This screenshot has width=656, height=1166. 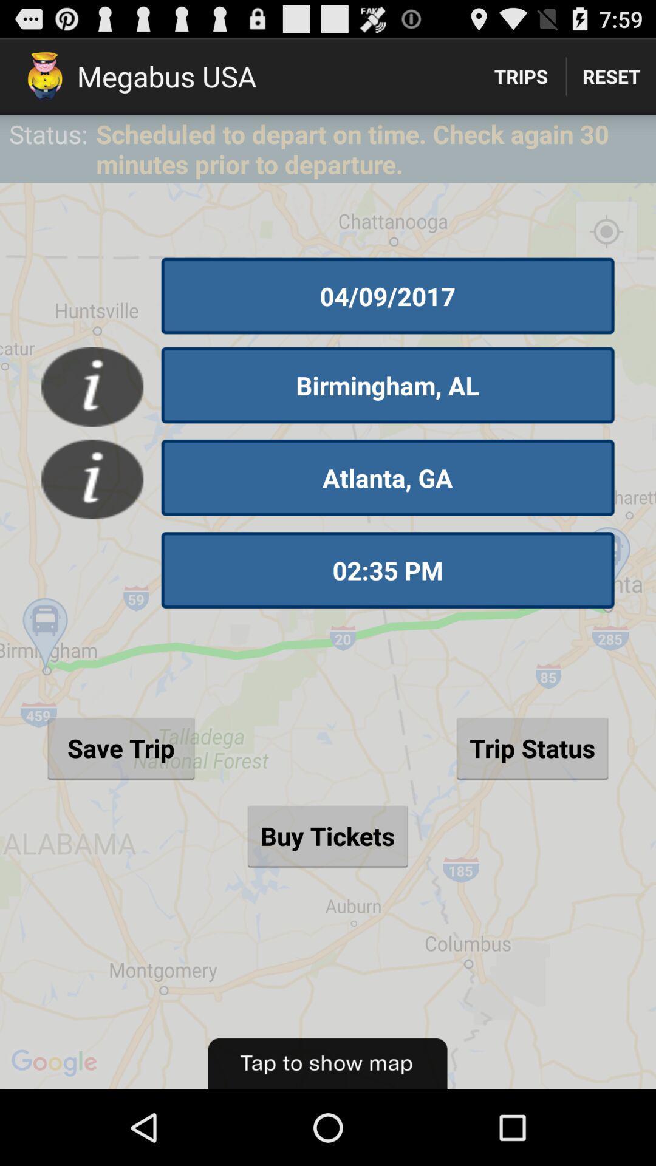 I want to click on the button to the right of save trip button, so click(x=531, y=747).